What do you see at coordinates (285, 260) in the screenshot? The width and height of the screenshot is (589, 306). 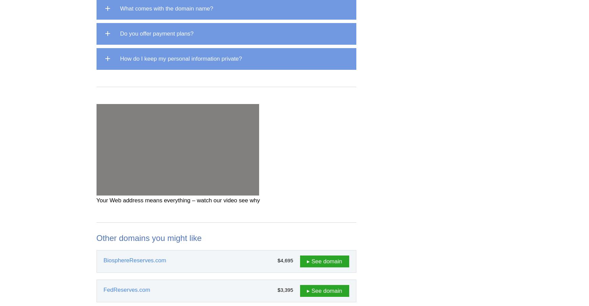 I see `'$4,695'` at bounding box center [285, 260].